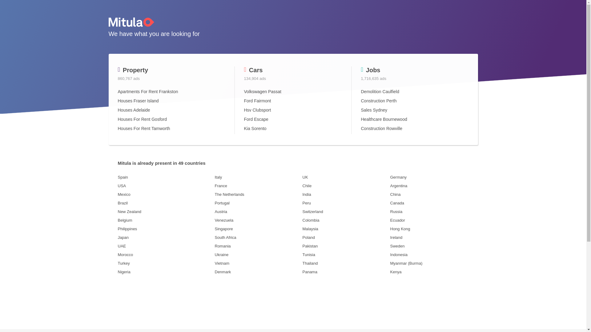  I want to click on 'Sweden', so click(390, 246).